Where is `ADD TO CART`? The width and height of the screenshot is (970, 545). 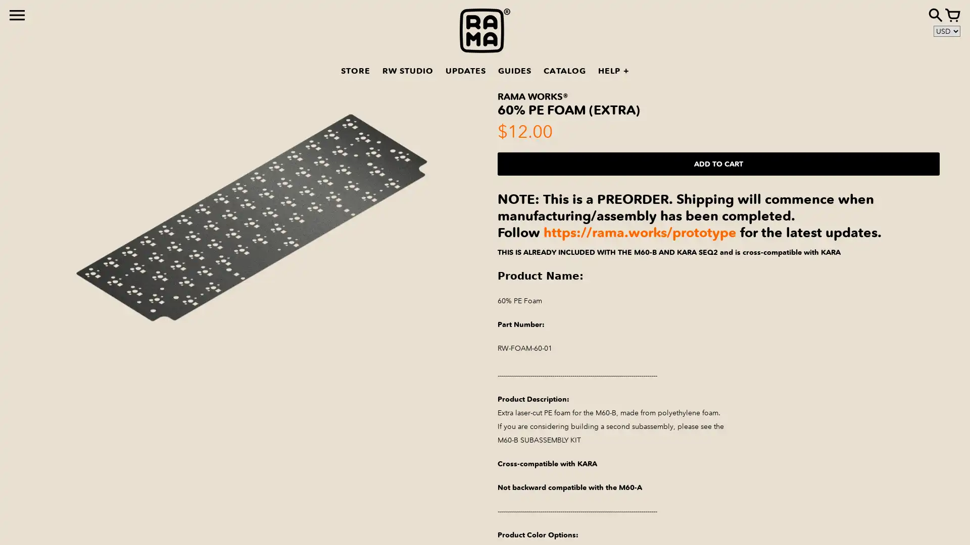
ADD TO CART is located at coordinates (718, 163).